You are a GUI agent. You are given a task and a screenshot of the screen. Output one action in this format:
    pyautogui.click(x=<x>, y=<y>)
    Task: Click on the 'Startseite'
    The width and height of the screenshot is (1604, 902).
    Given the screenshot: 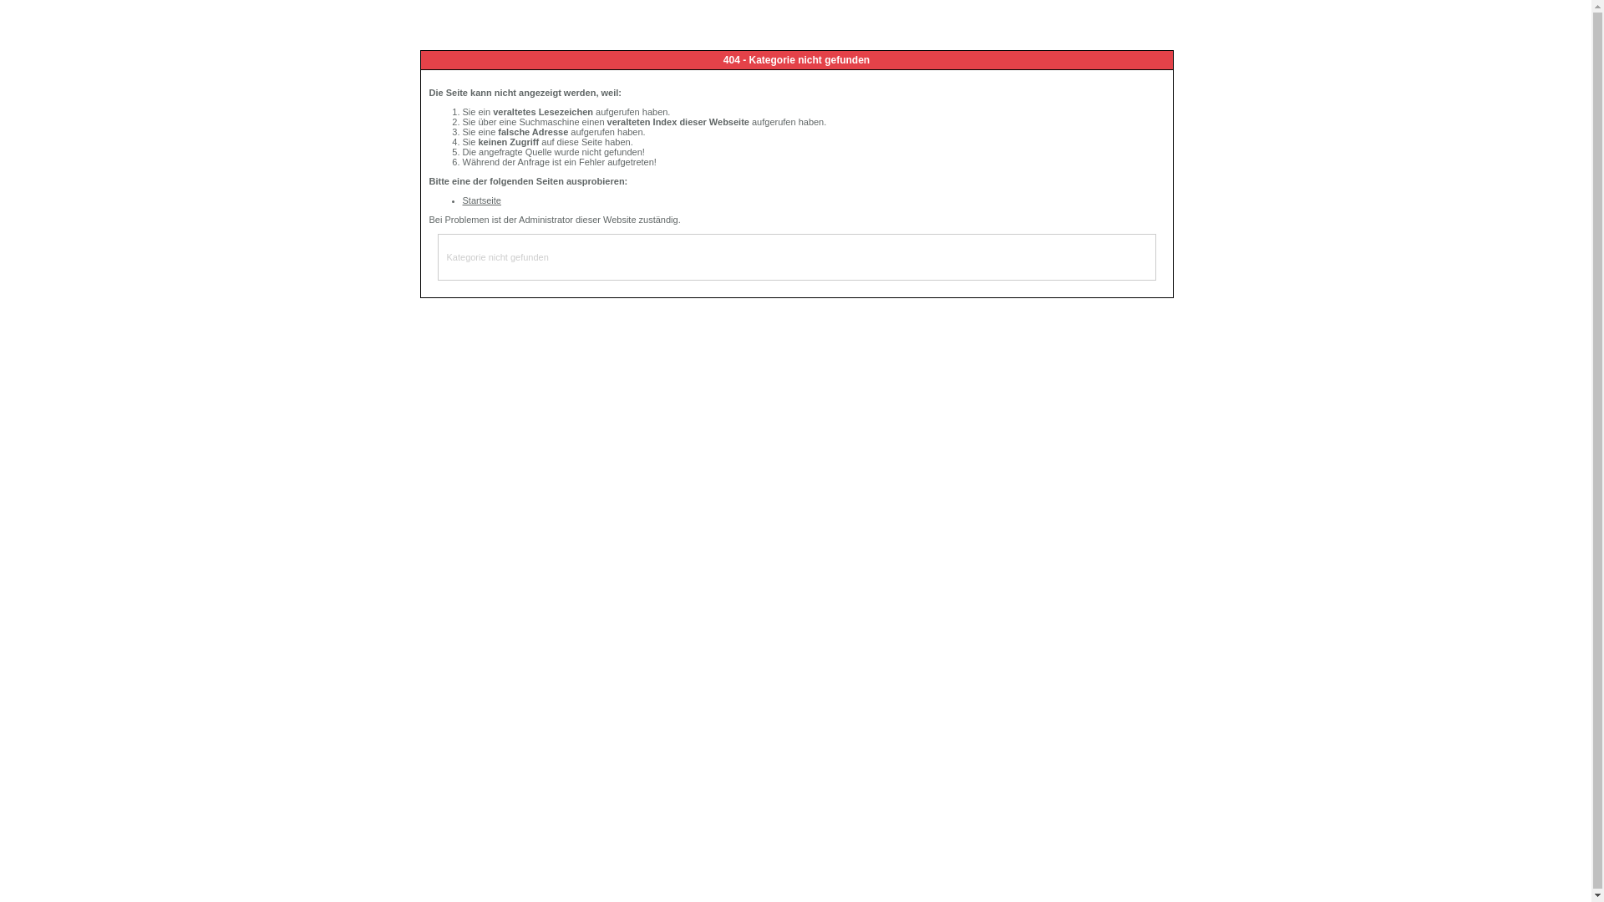 What is the action you would take?
    pyautogui.click(x=480, y=199)
    